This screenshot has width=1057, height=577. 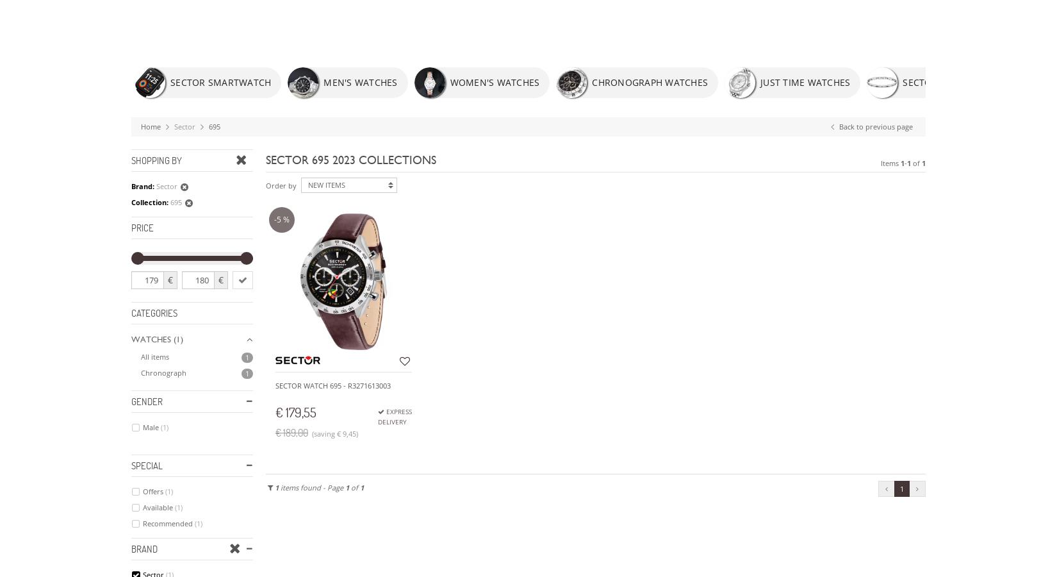 What do you see at coordinates (181, 92) in the screenshot?
I see `'(27)'` at bounding box center [181, 92].